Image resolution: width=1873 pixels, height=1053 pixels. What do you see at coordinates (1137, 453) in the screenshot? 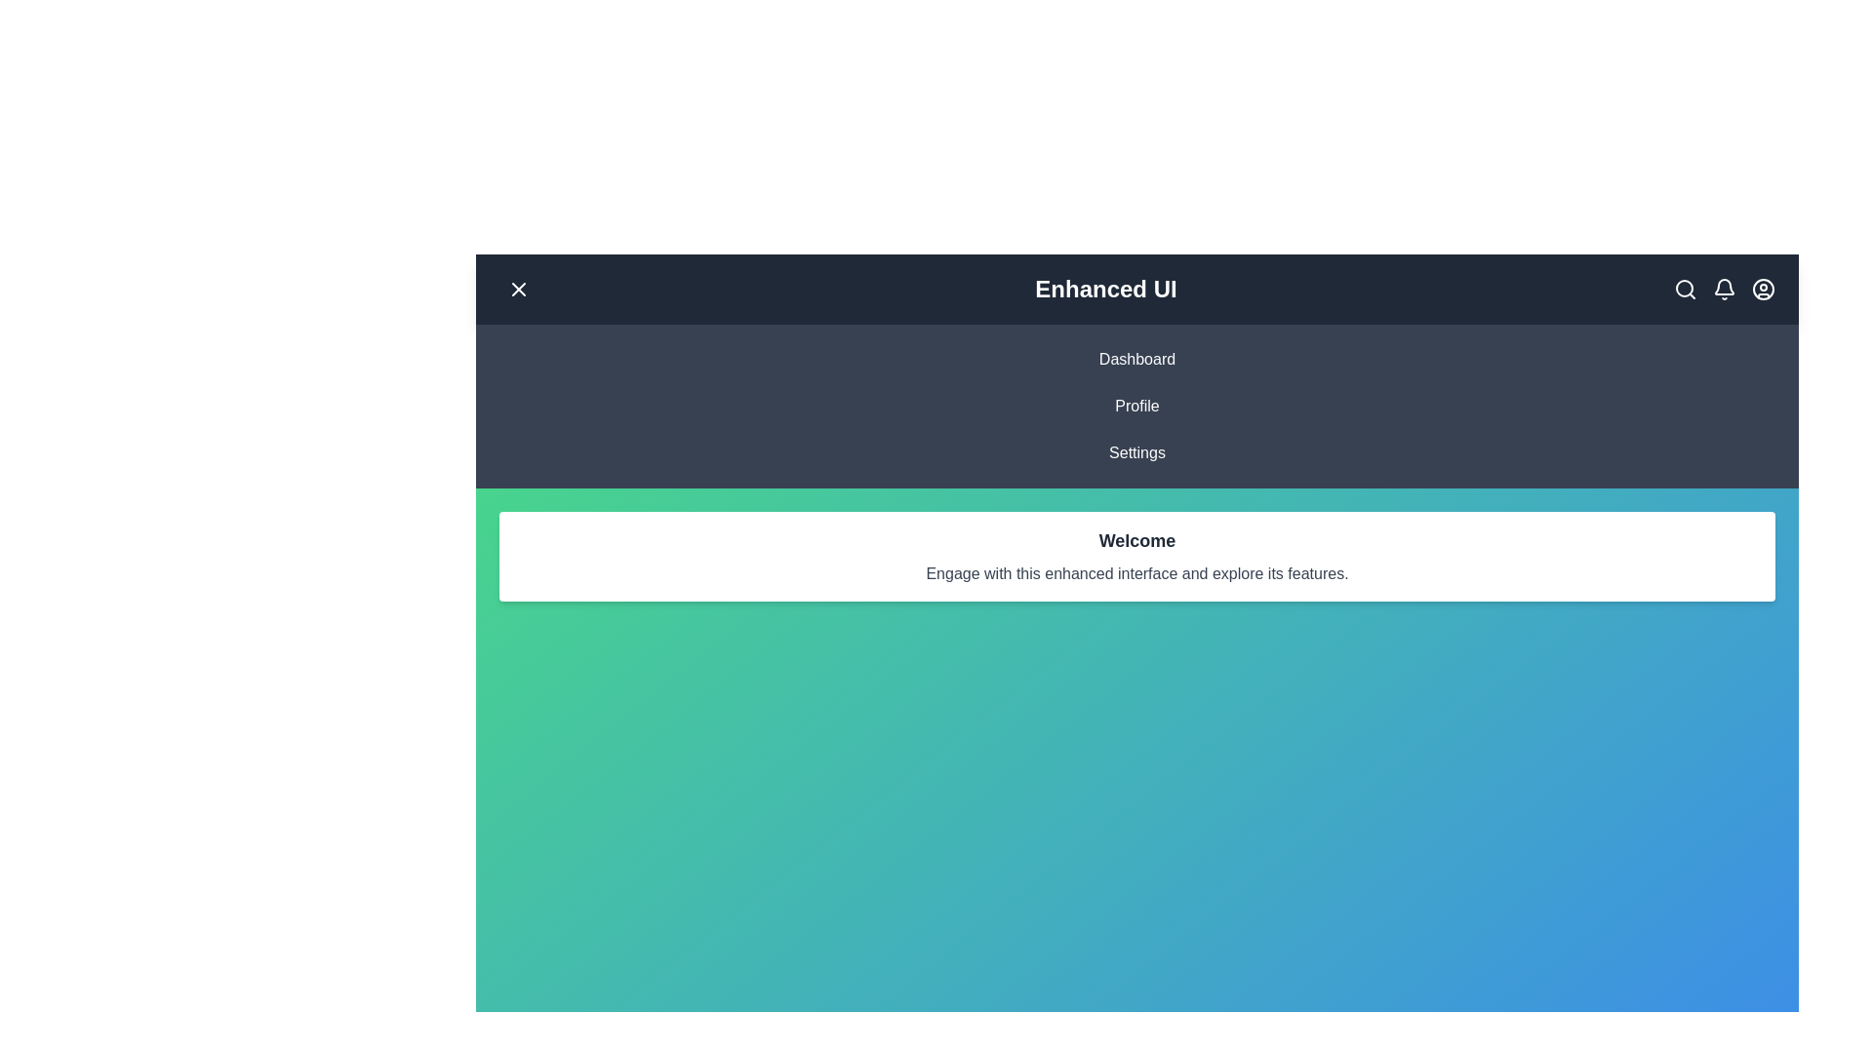
I see `the menu item Settings by clicking on it` at bounding box center [1137, 453].